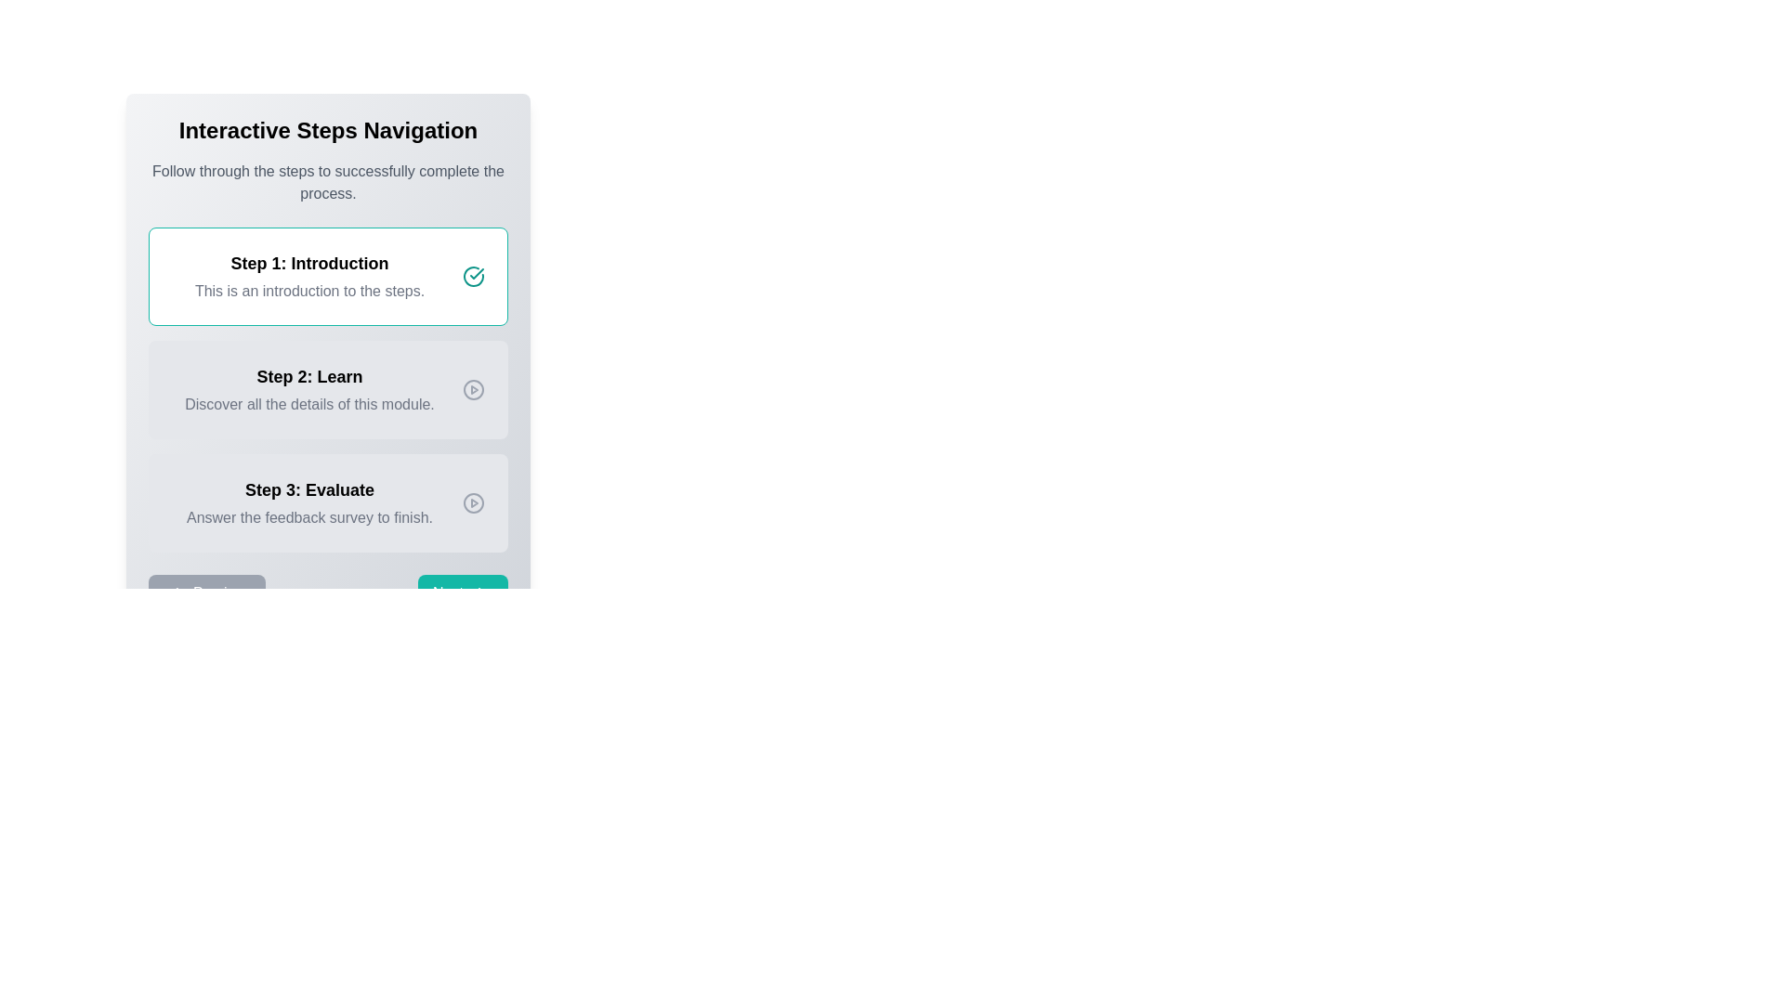 This screenshot has height=1003, width=1784. What do you see at coordinates (309, 291) in the screenshot?
I see `the text element that reads 'This is an introduction to the steps.' which is displayed in a smaller, gray-colored font, located below the bold title 'Step 1: Introduction' in the interactive steps navigation panel` at bounding box center [309, 291].